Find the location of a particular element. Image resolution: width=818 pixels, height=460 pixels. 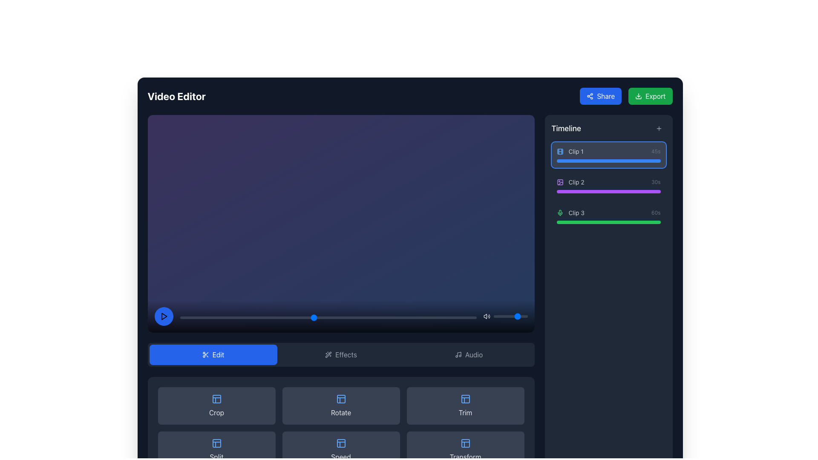

the volume control icon, which is styled as a speaker with sound waves, to change volume settings is located at coordinates (487, 316).